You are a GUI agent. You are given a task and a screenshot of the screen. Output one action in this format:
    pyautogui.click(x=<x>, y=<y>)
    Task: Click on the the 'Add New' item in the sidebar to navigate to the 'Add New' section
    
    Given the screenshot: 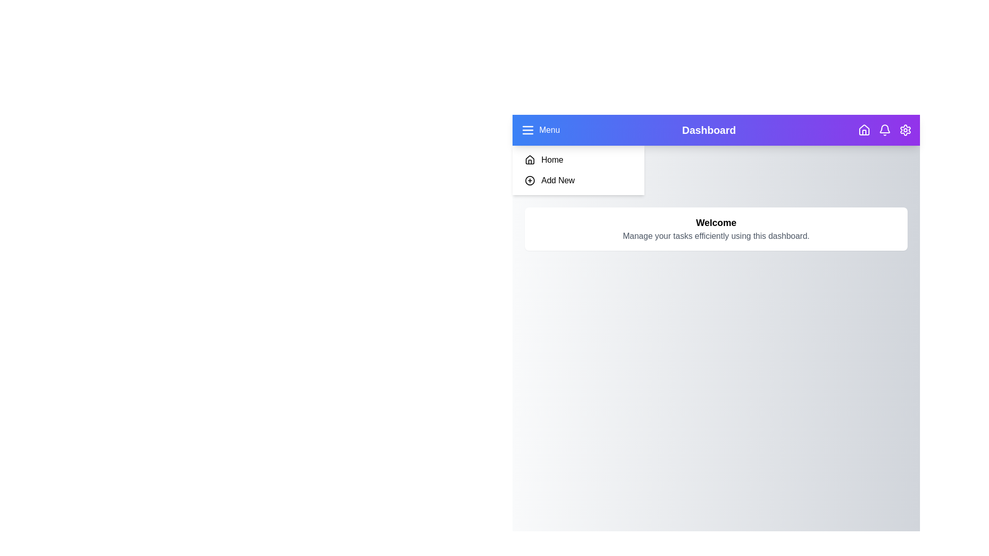 What is the action you would take?
    pyautogui.click(x=530, y=180)
    